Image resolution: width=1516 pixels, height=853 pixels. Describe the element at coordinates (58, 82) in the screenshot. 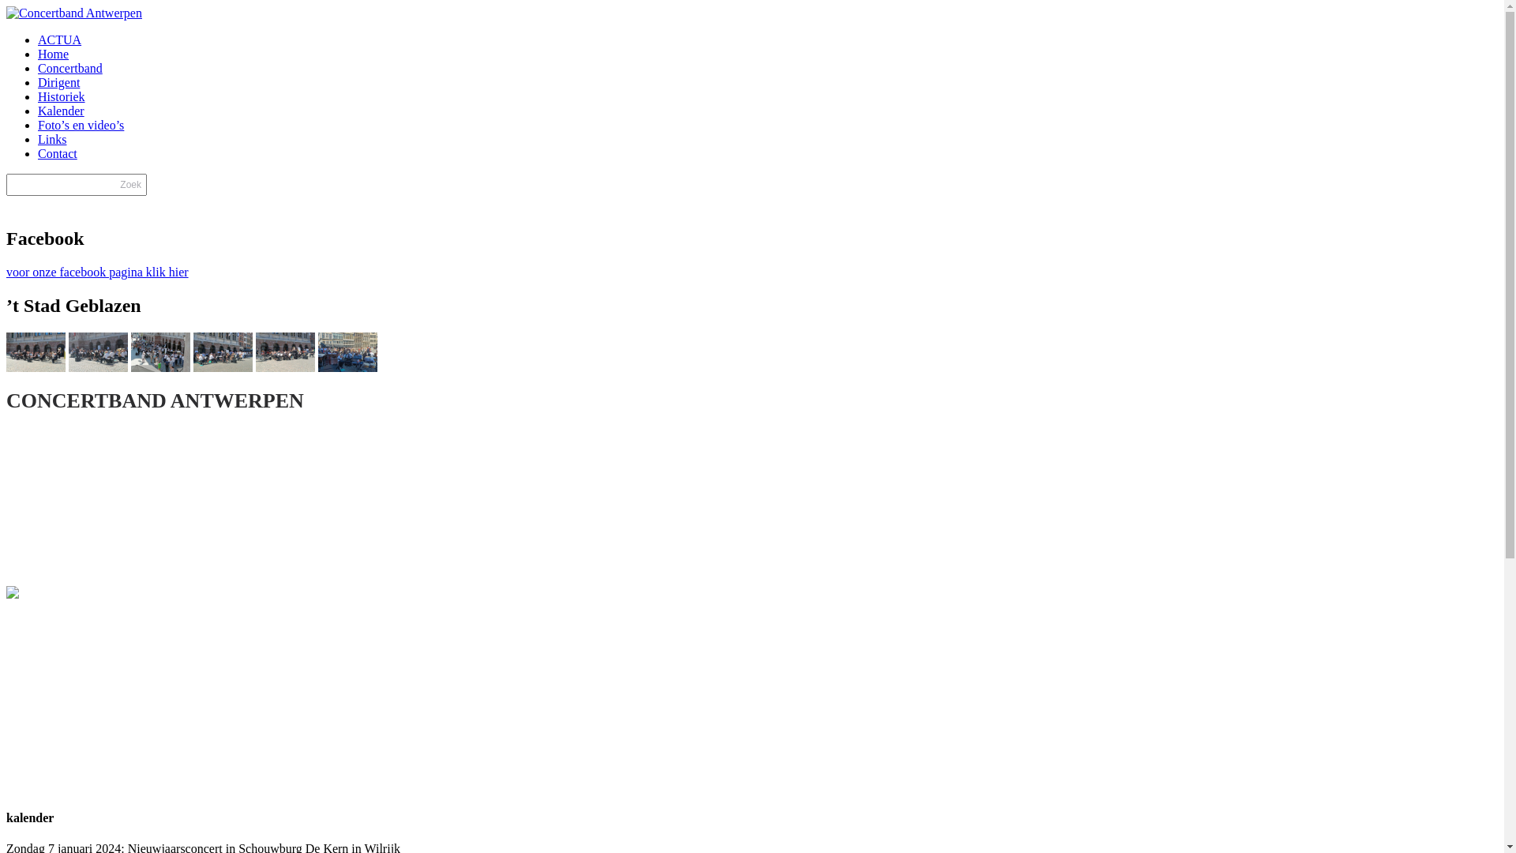

I see `'Dirigent'` at that location.